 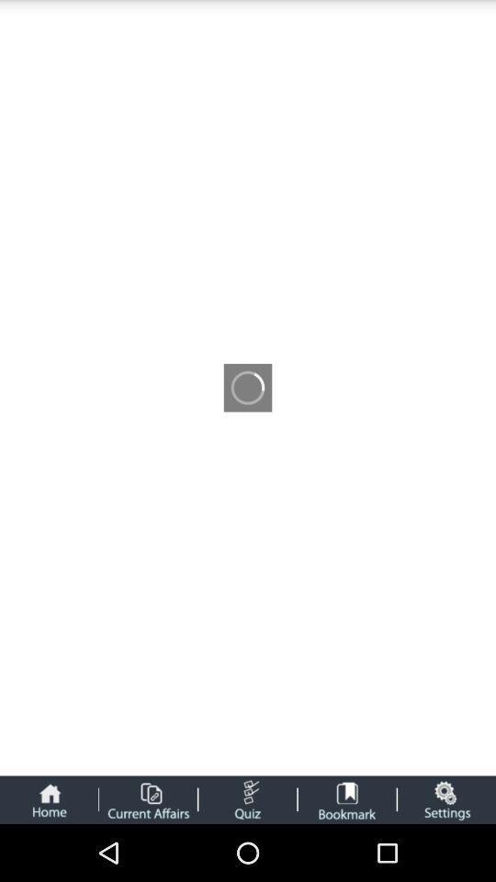 I want to click on bookmark button, so click(x=347, y=798).